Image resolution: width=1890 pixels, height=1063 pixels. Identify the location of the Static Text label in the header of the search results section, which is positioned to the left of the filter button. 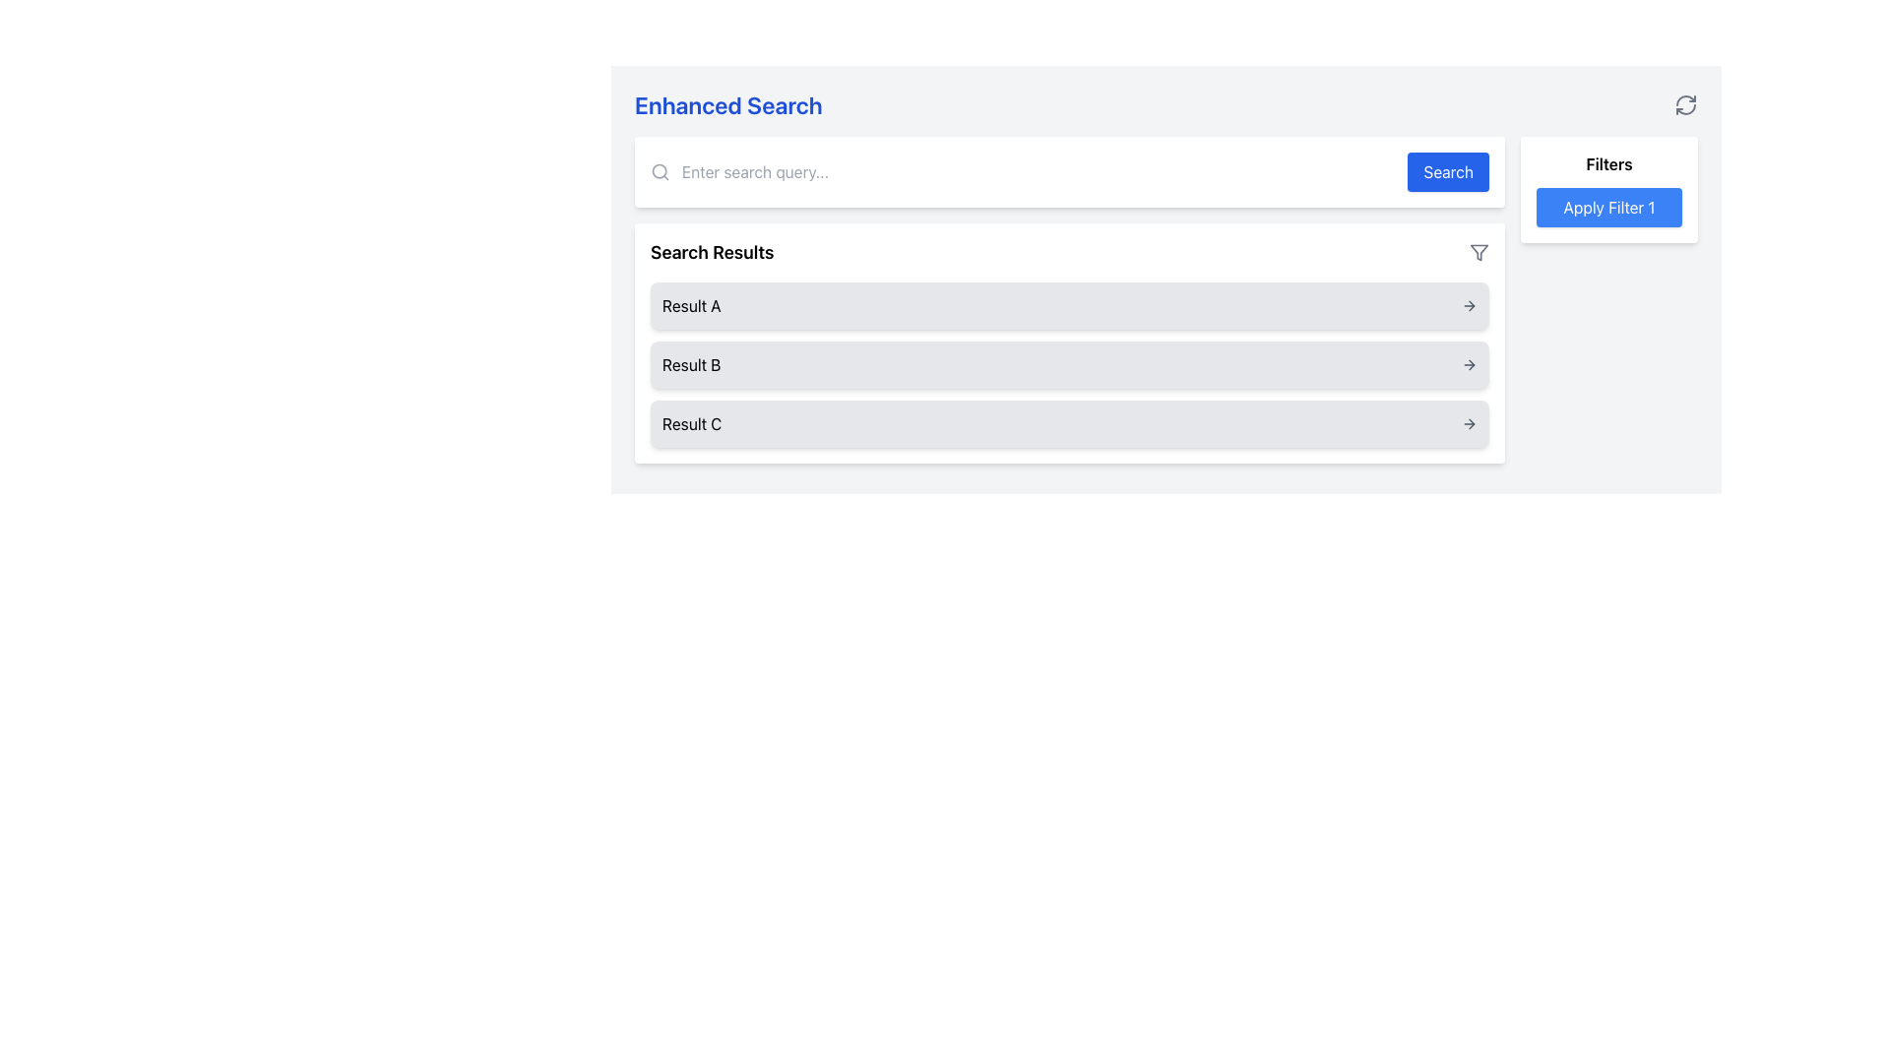
(711, 252).